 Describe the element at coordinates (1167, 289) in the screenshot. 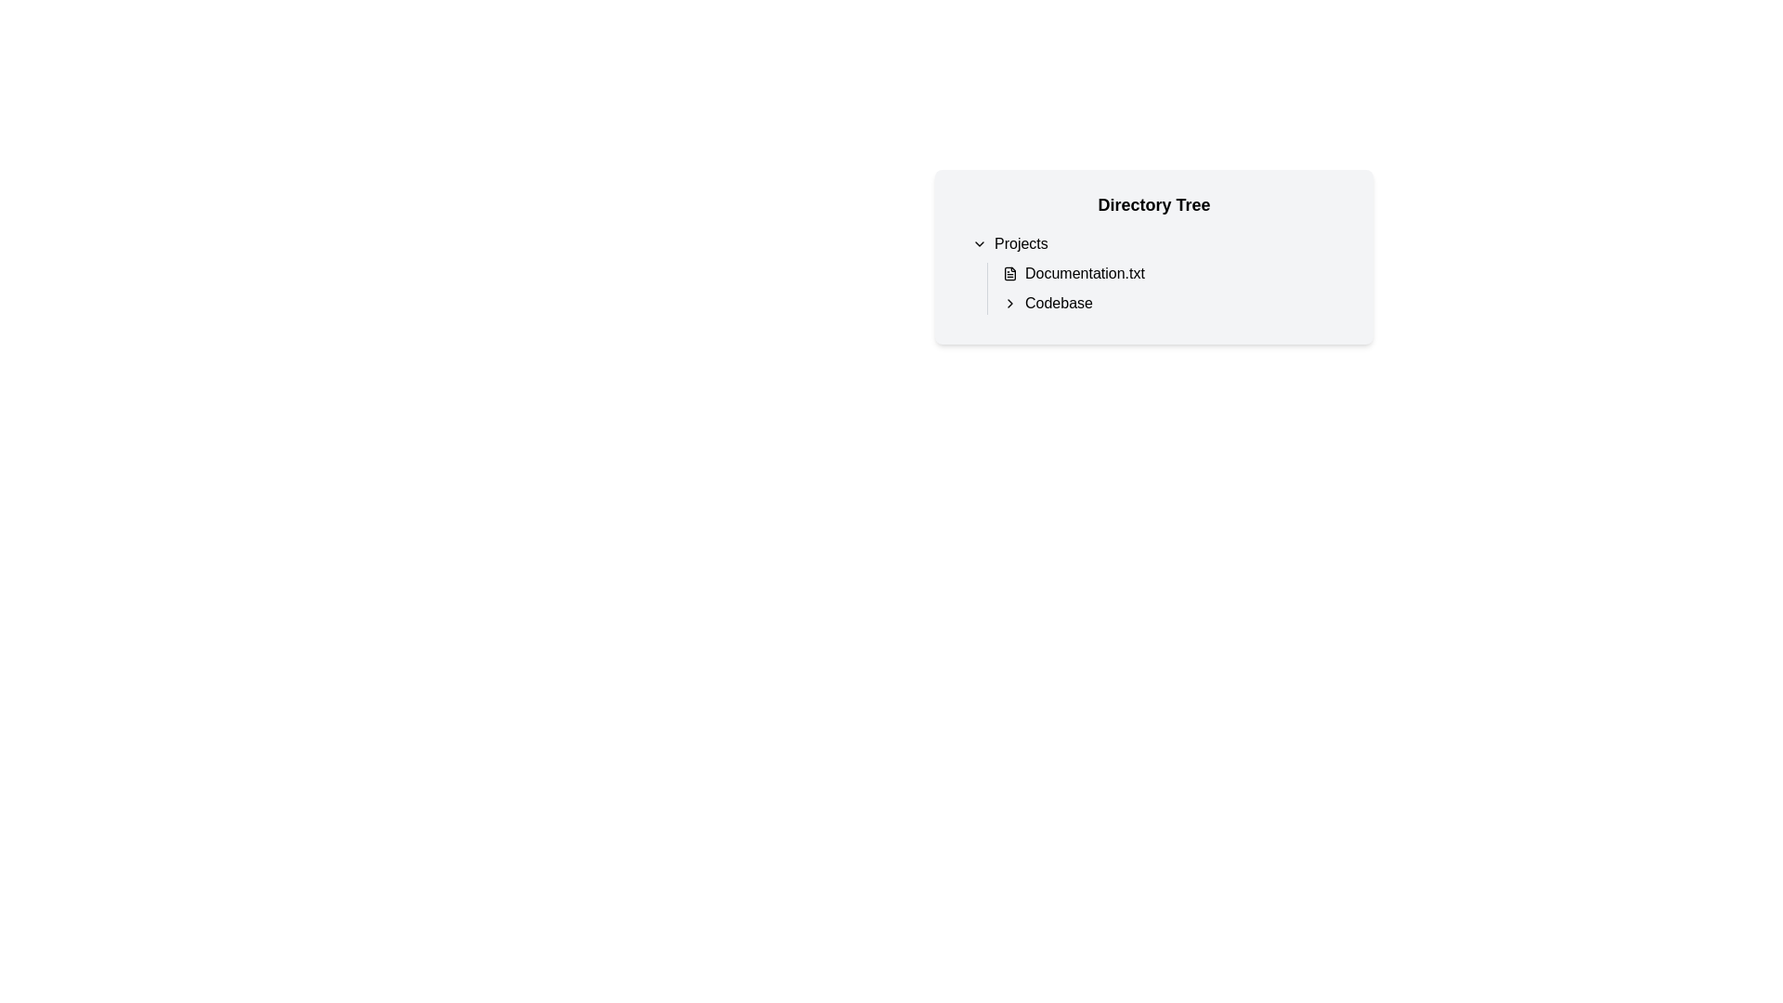

I see `the 'Documentation.txt' entry` at that location.